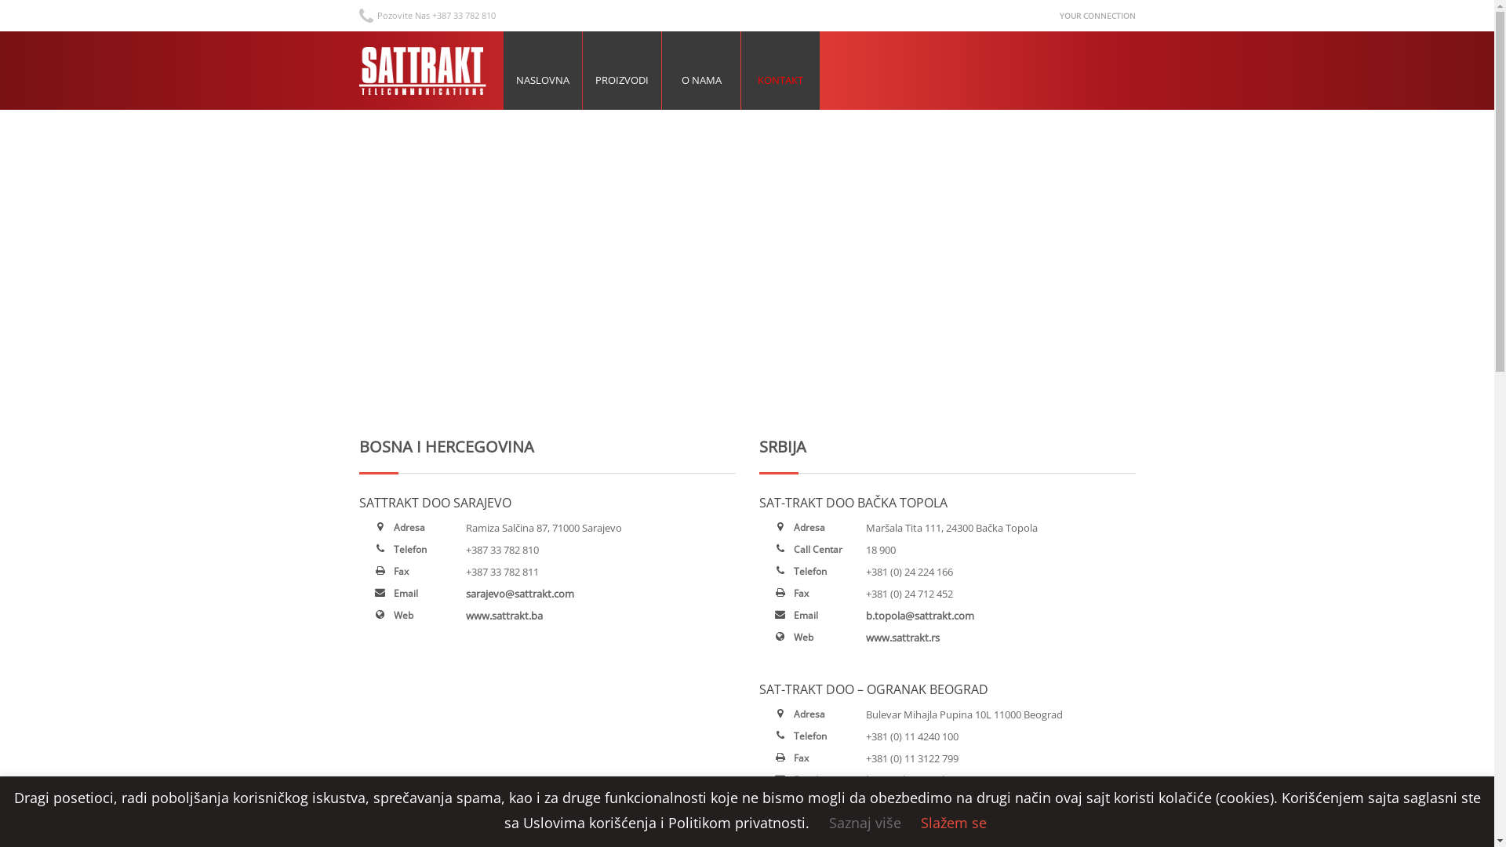 The width and height of the screenshot is (1506, 847). I want to click on 'PROIZVODI', so click(620, 69).